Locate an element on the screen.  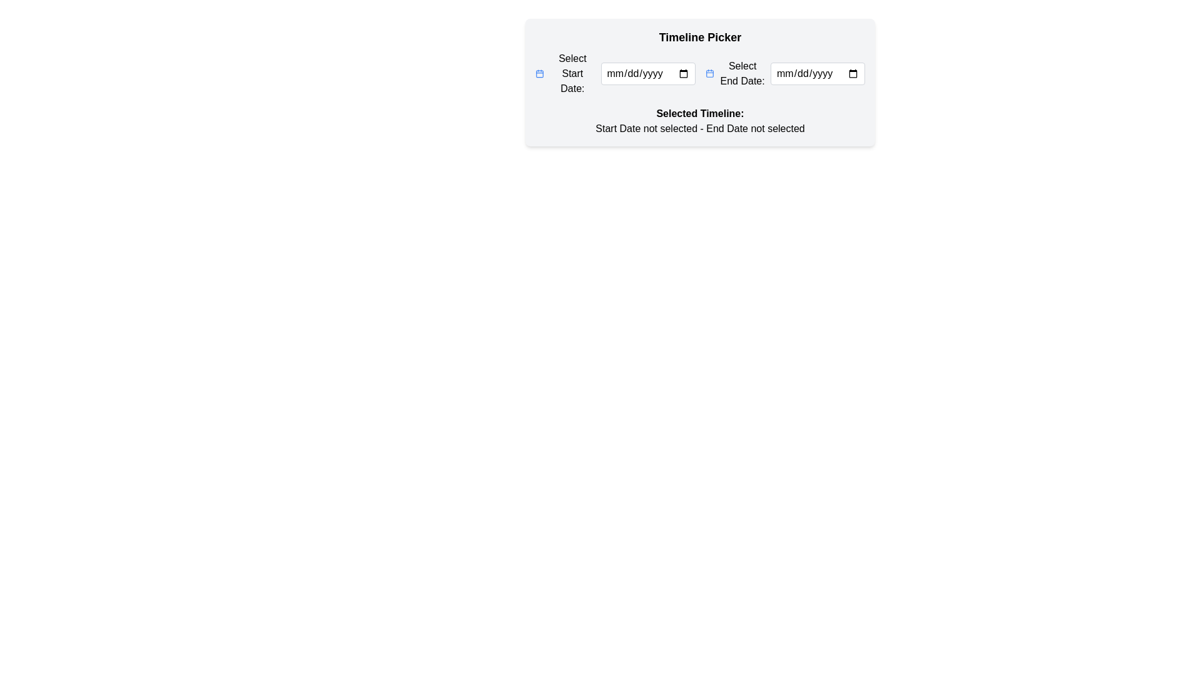
to activate the Date Input Field located in the top-right of the 'Select End Date' section of the 'Timeline Picker' UI component is located at coordinates (818, 74).